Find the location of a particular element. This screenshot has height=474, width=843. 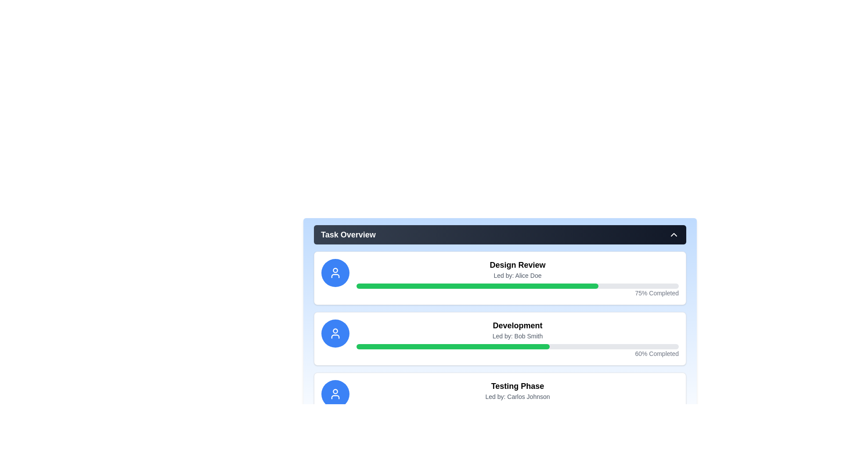

the upward-pointing arrow icon button located on the right side of the 'Task Overview' header bar is located at coordinates (674, 234).